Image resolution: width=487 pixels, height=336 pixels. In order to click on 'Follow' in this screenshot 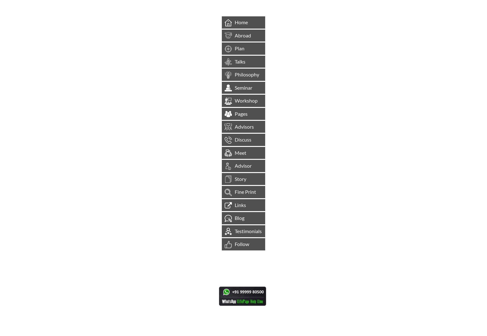, I will do `click(242, 244)`.